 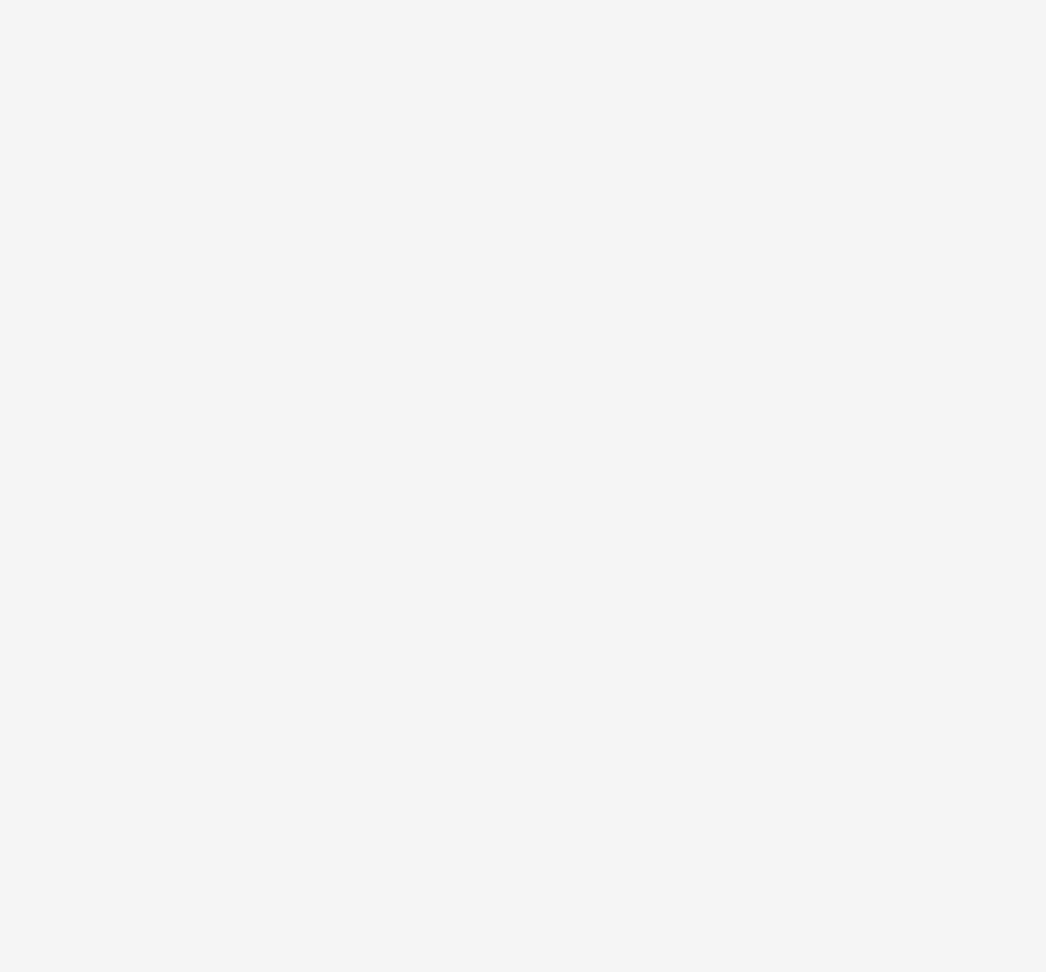 I want to click on 'Amphigori man 1 hd 720p', so click(x=273, y=777).